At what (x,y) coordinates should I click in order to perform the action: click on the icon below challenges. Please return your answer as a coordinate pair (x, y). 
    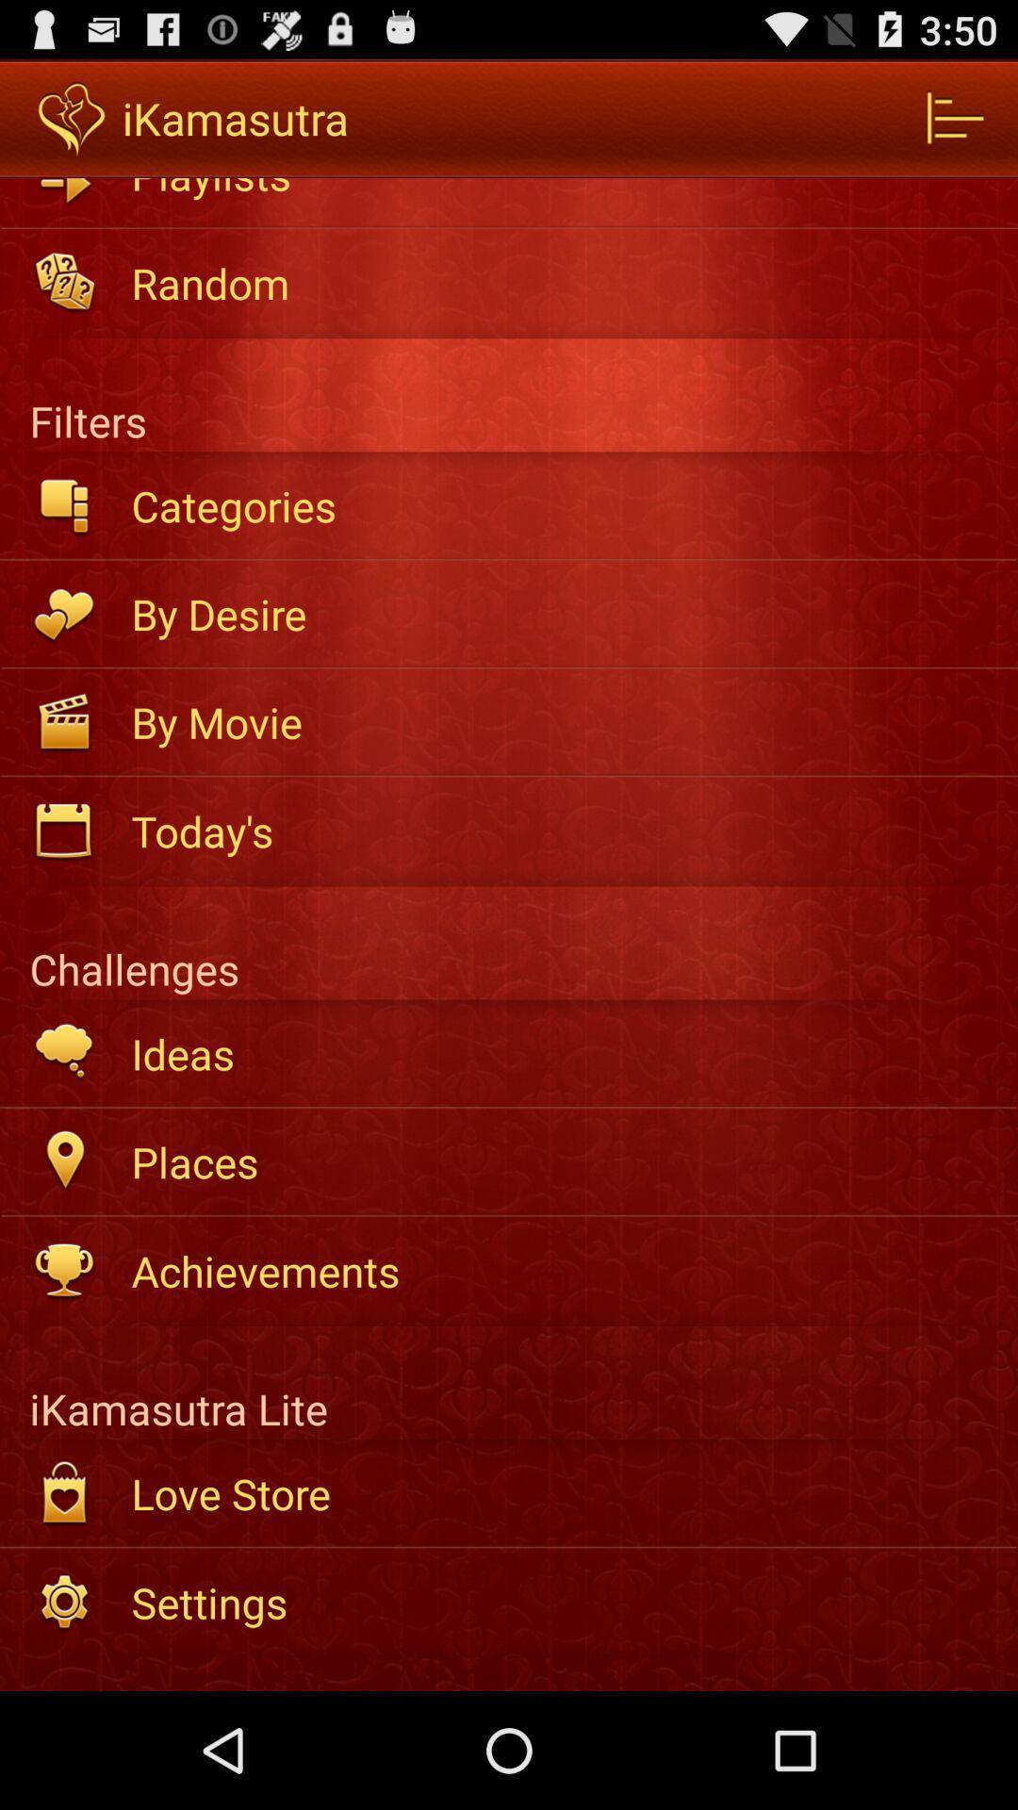
    Looking at the image, I should click on (561, 1052).